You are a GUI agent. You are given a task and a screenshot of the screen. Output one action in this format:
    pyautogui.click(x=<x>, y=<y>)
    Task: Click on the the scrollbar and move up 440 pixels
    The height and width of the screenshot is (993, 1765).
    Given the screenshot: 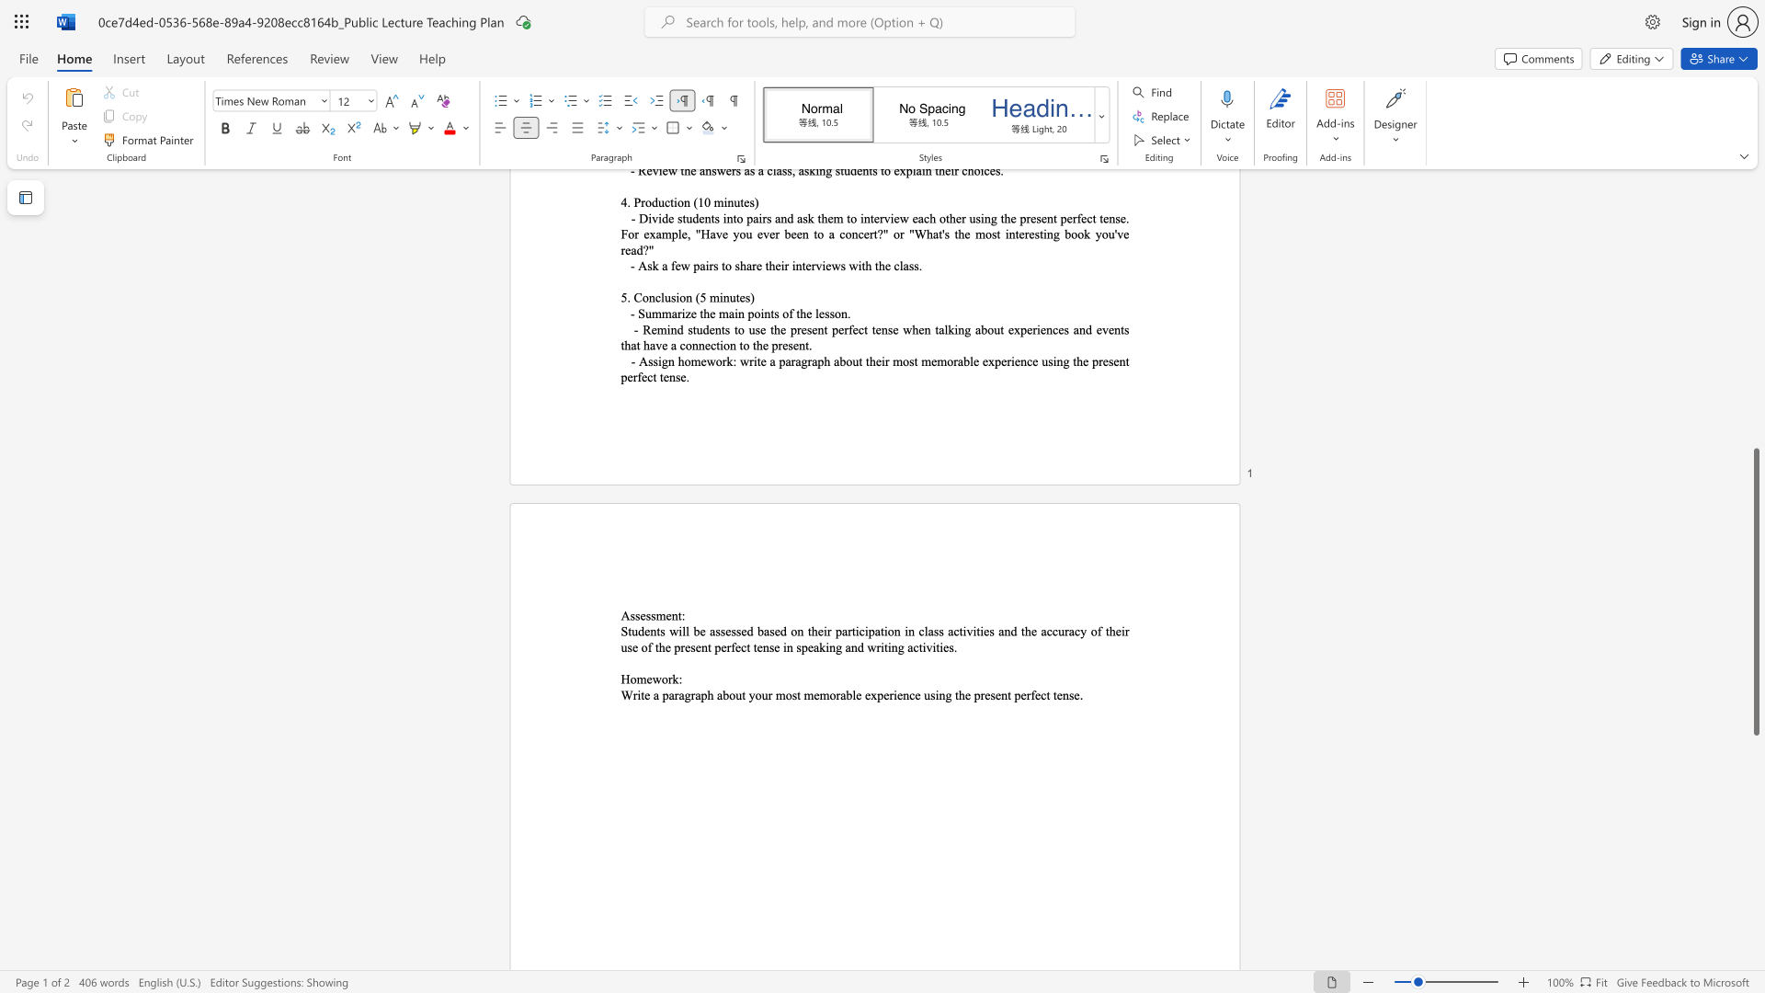 What is the action you would take?
    pyautogui.click(x=1755, y=591)
    